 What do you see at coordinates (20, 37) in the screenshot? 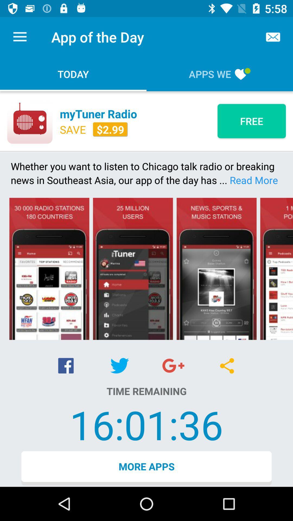
I see `the icon next to the app of the` at bounding box center [20, 37].